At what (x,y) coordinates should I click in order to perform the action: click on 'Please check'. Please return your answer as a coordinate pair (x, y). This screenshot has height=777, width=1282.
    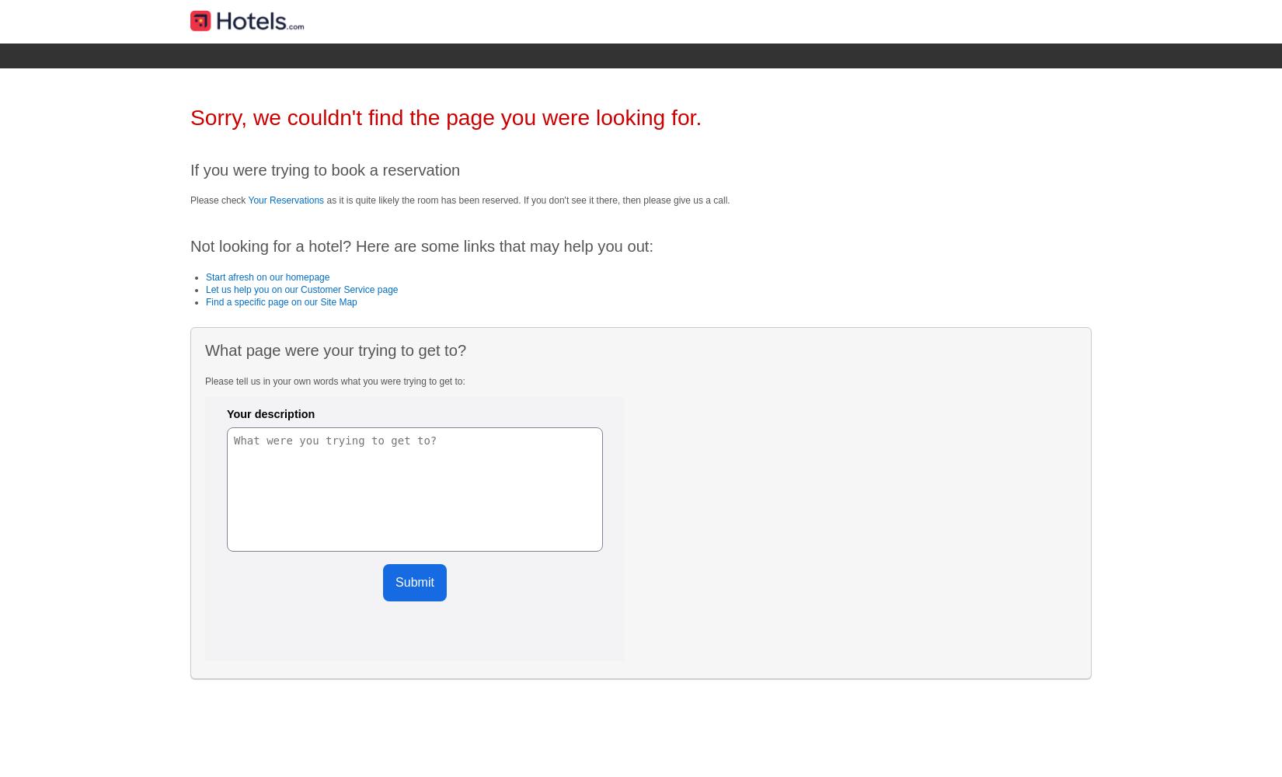
    Looking at the image, I should click on (218, 200).